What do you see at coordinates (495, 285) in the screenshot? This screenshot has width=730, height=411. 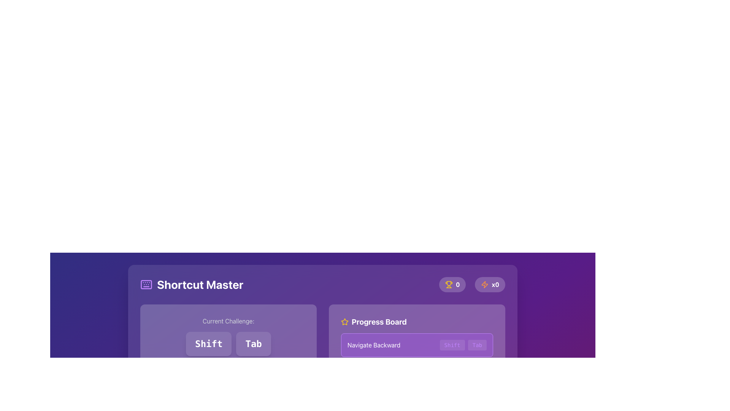 I see `the text label displaying 'x0' in bold white font, which is part of a rounded button with a semi-transparent white background on a purple interface` at bounding box center [495, 285].